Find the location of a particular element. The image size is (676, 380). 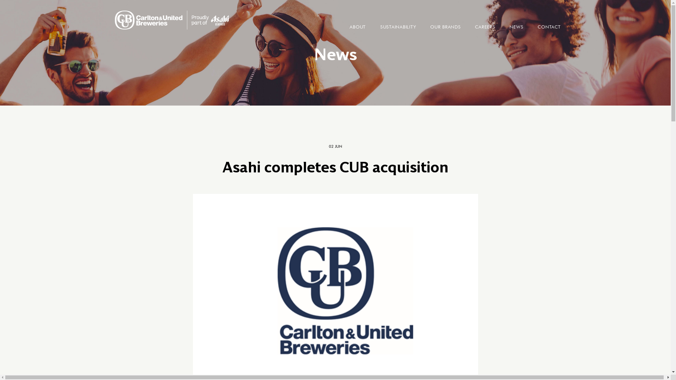

'CAREERS' is located at coordinates (484, 29).